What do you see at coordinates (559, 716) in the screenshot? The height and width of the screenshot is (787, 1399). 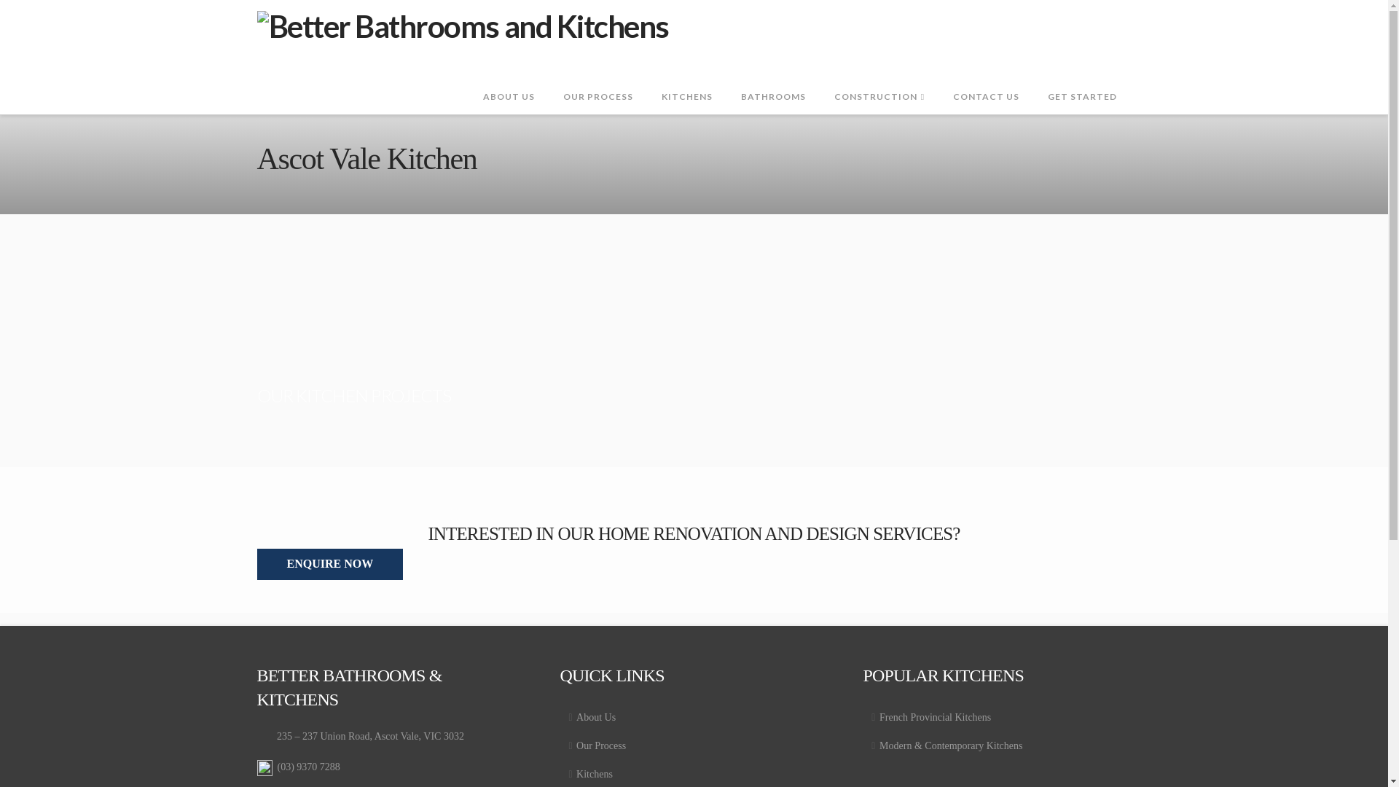 I see `'About Us'` at bounding box center [559, 716].